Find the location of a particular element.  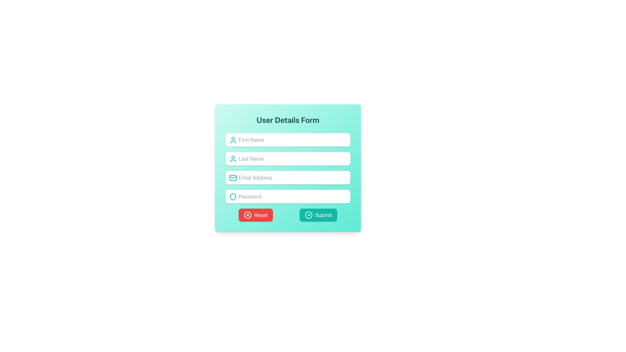

the user profile icon with a teal-colored outline, located in the top-left corner of the 'First Name' input field is located at coordinates (233, 139).